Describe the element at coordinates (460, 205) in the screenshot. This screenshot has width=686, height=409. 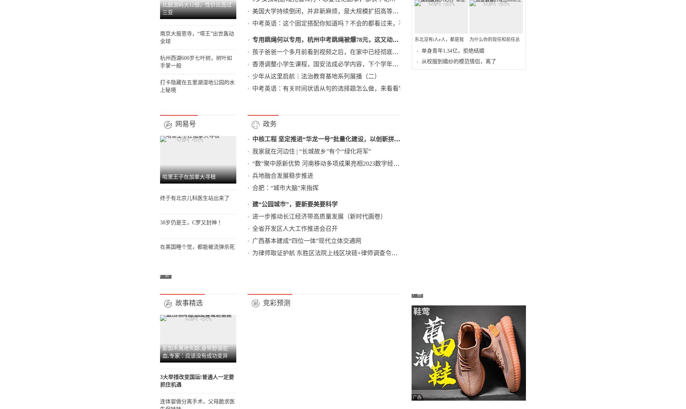
I see `'东北没有i人e人，都是我的家人'` at that location.